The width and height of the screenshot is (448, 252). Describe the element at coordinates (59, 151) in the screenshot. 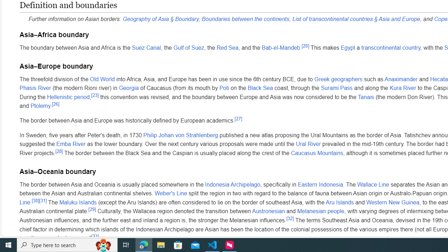

I see `'[28]'` at that location.